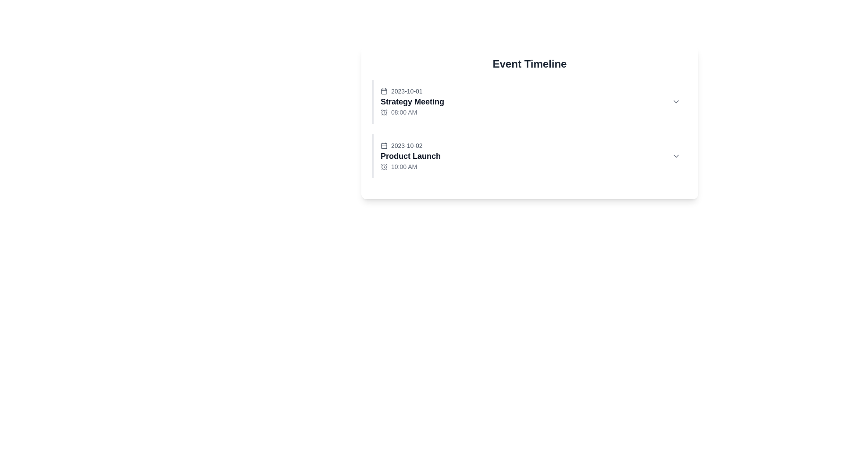 Image resolution: width=842 pixels, height=474 pixels. I want to click on time displayed on the informational label for the 'Product Launch' event, which shows '10:00 AM' and is located below the event title with an adjacent alarm clock icon, so click(410, 167).